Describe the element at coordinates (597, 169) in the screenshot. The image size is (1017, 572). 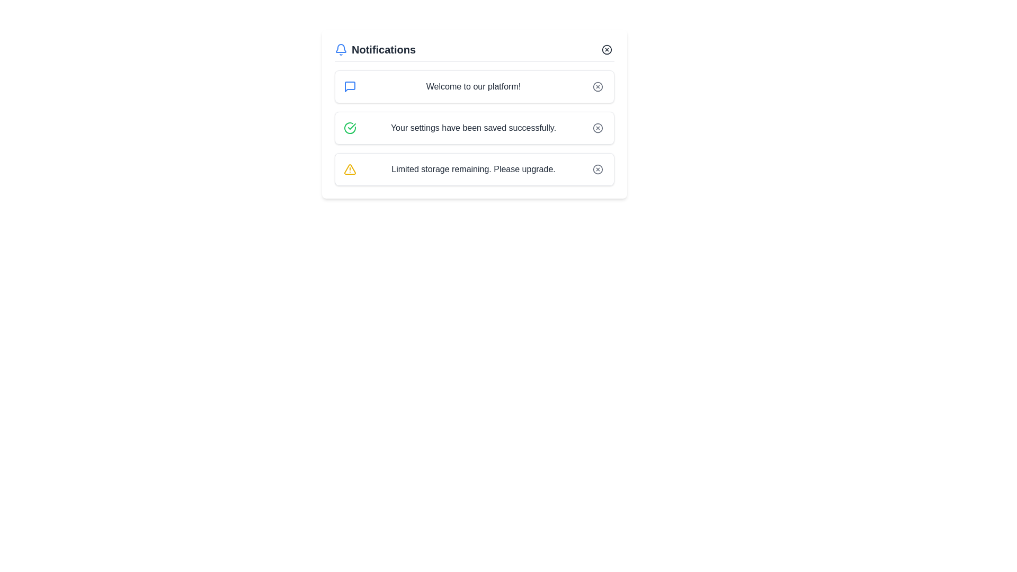
I see `the small circular button with a gray border and an 'X' icon inside` at that location.